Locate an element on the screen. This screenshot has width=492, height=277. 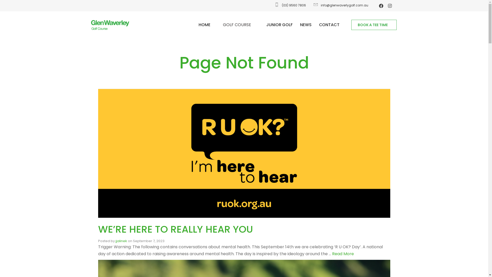
'JUNIOR GOLF' is located at coordinates (279, 25).